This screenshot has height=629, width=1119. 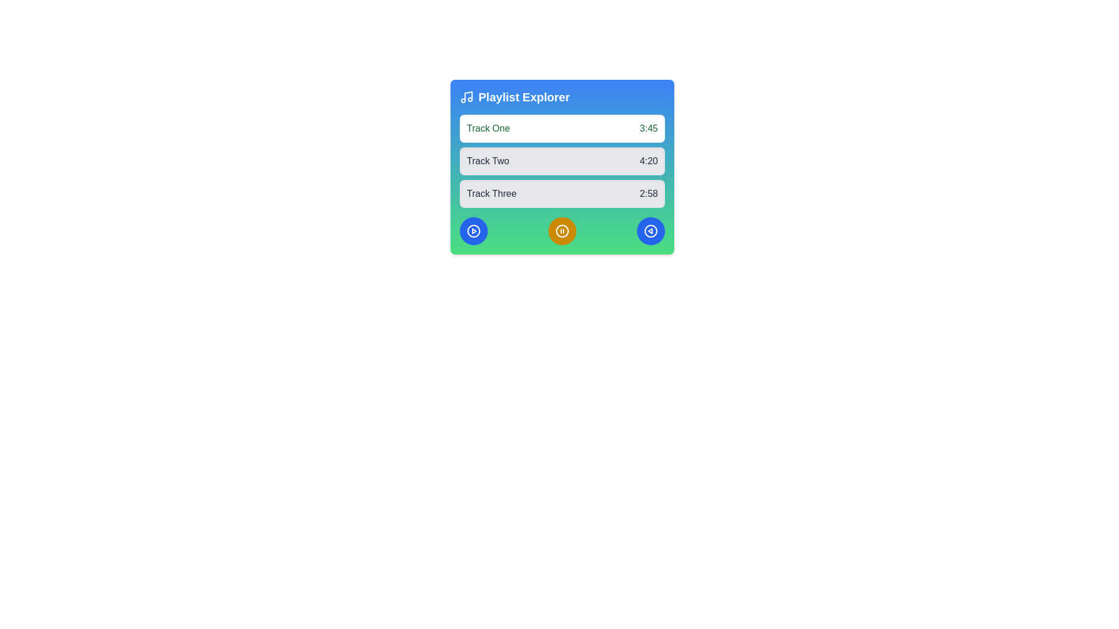 I want to click on the text label that indicates the section related to exploring playlists, positioned centrally to the right of a music note icon, so click(x=523, y=96).